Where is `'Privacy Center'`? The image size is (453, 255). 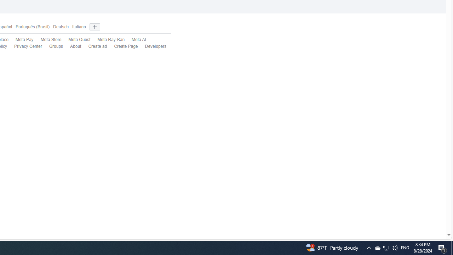 'Privacy Center' is located at coordinates (28, 46).